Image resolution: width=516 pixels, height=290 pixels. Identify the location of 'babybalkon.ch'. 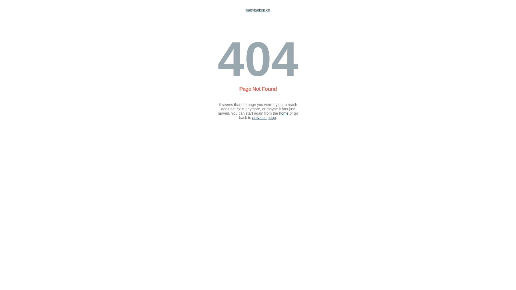
(258, 10).